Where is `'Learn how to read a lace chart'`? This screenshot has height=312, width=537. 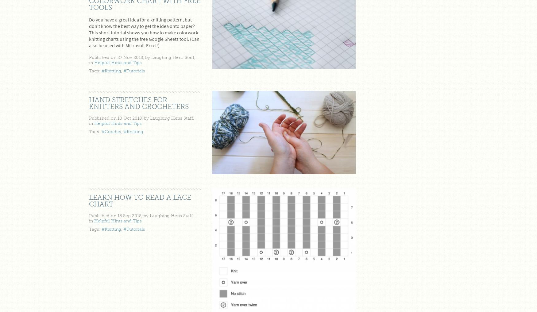 'Learn how to read a lace chart' is located at coordinates (88, 200).